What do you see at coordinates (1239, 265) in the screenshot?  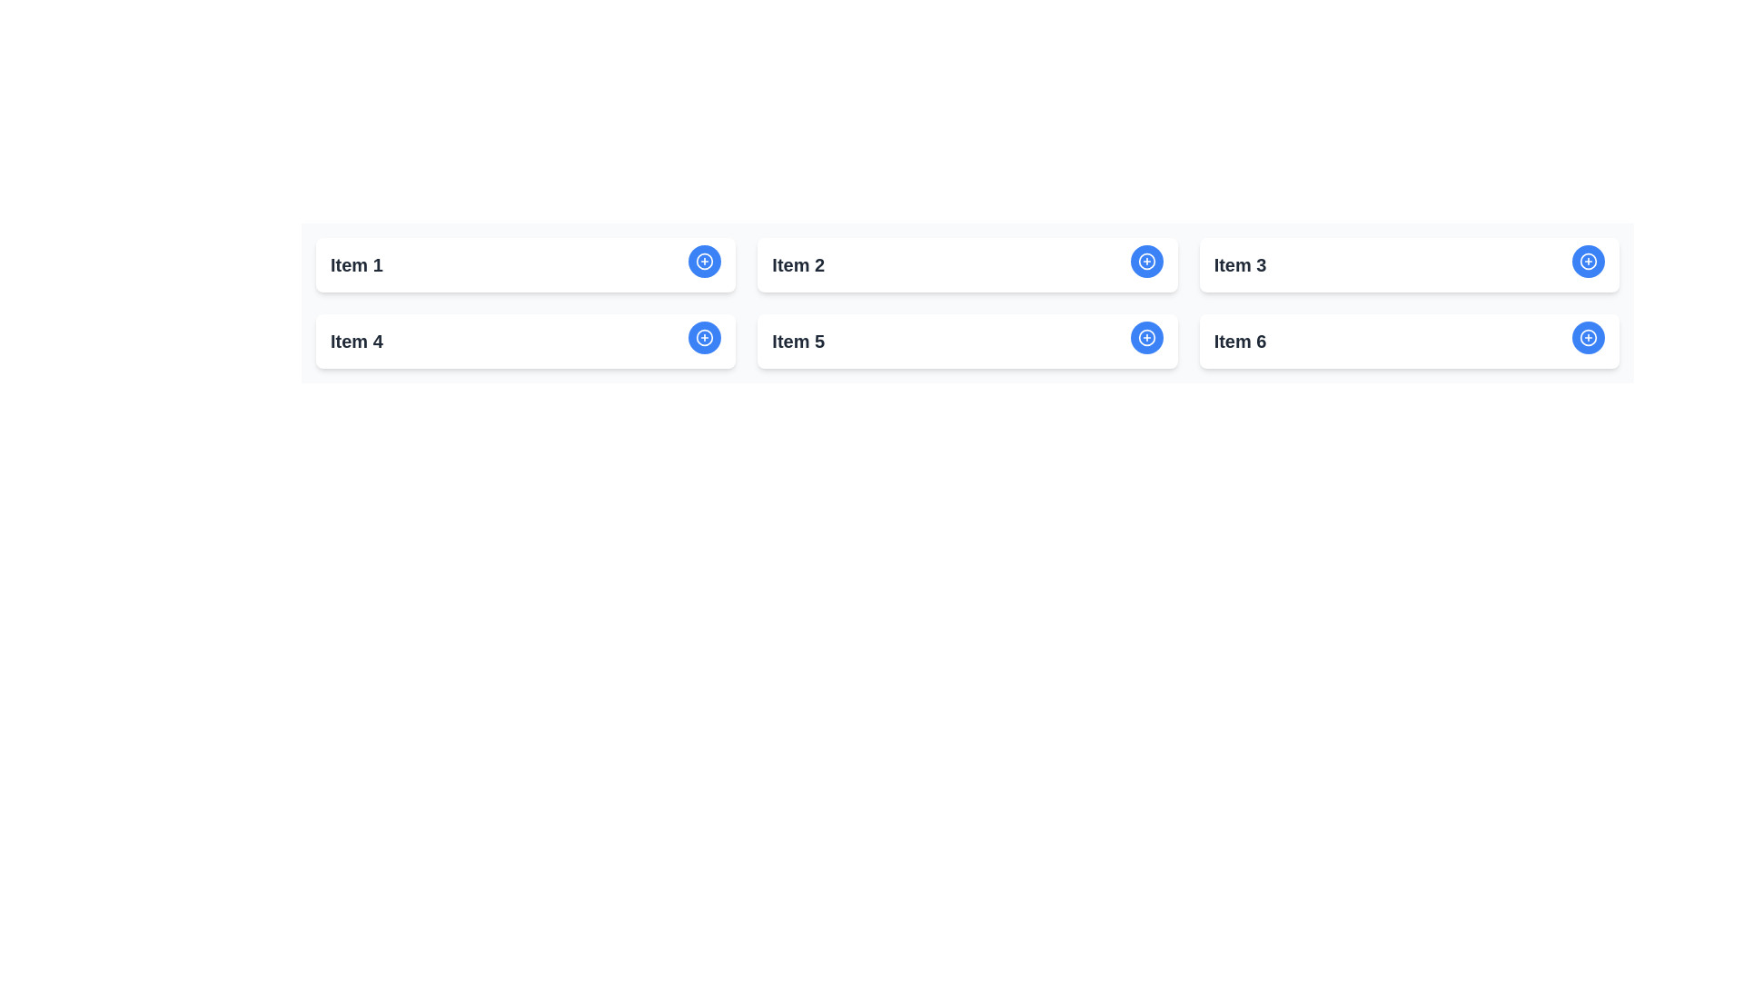 I see `the text label 'Item 3', which is styled with a bold, large font and positioned centrally in the top row of a two-row layout` at bounding box center [1239, 265].